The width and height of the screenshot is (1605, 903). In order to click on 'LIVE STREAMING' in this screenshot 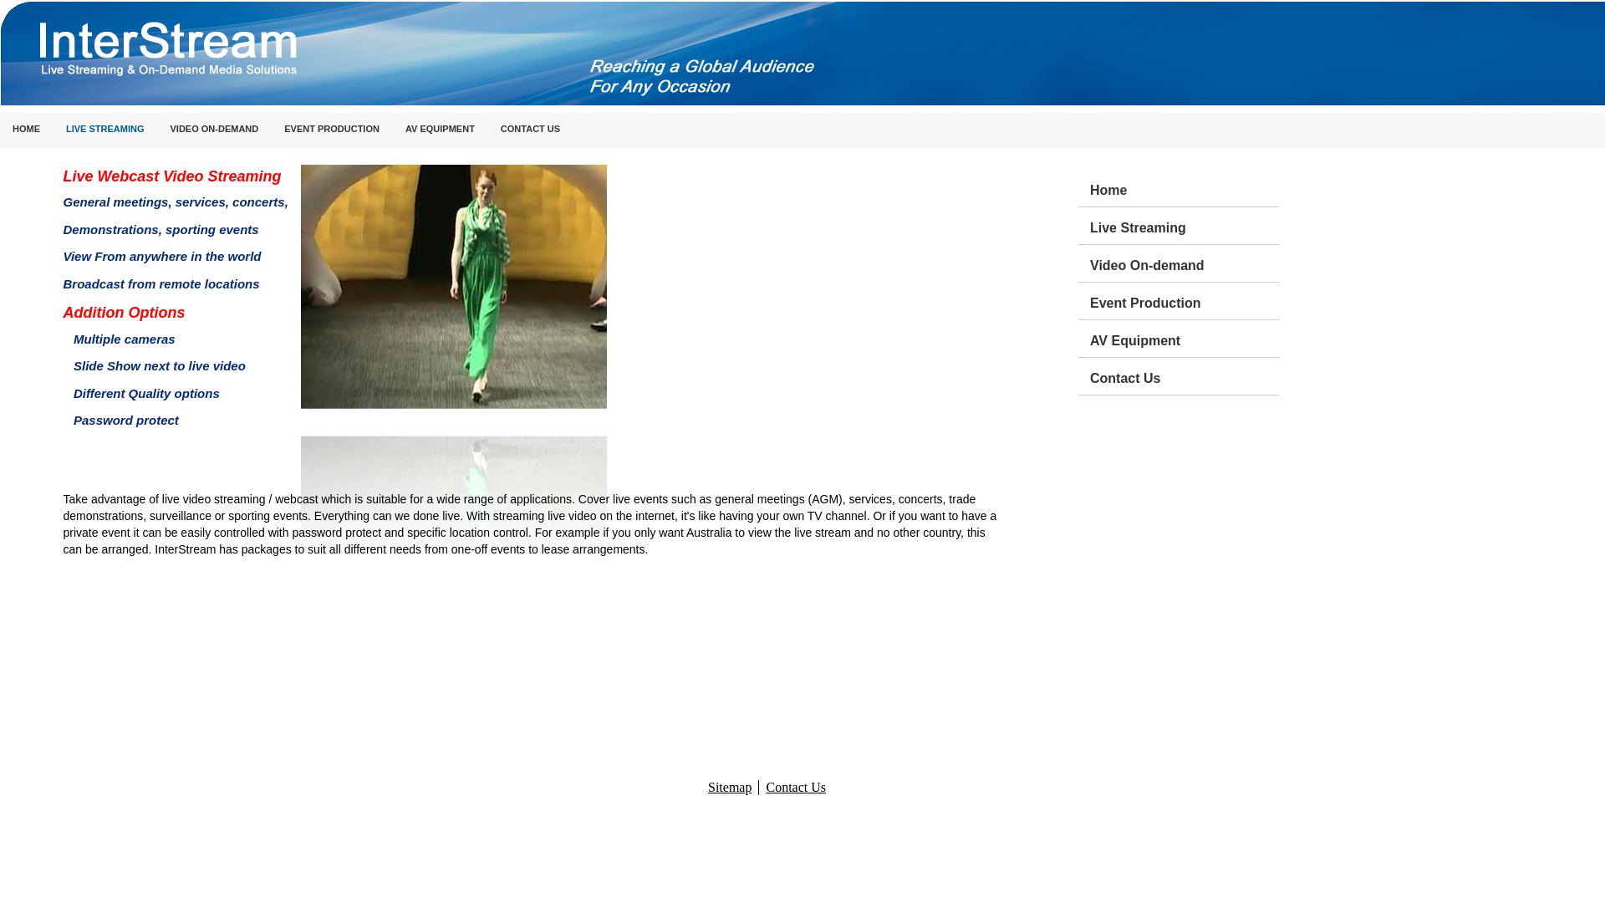, I will do `click(53, 129)`.